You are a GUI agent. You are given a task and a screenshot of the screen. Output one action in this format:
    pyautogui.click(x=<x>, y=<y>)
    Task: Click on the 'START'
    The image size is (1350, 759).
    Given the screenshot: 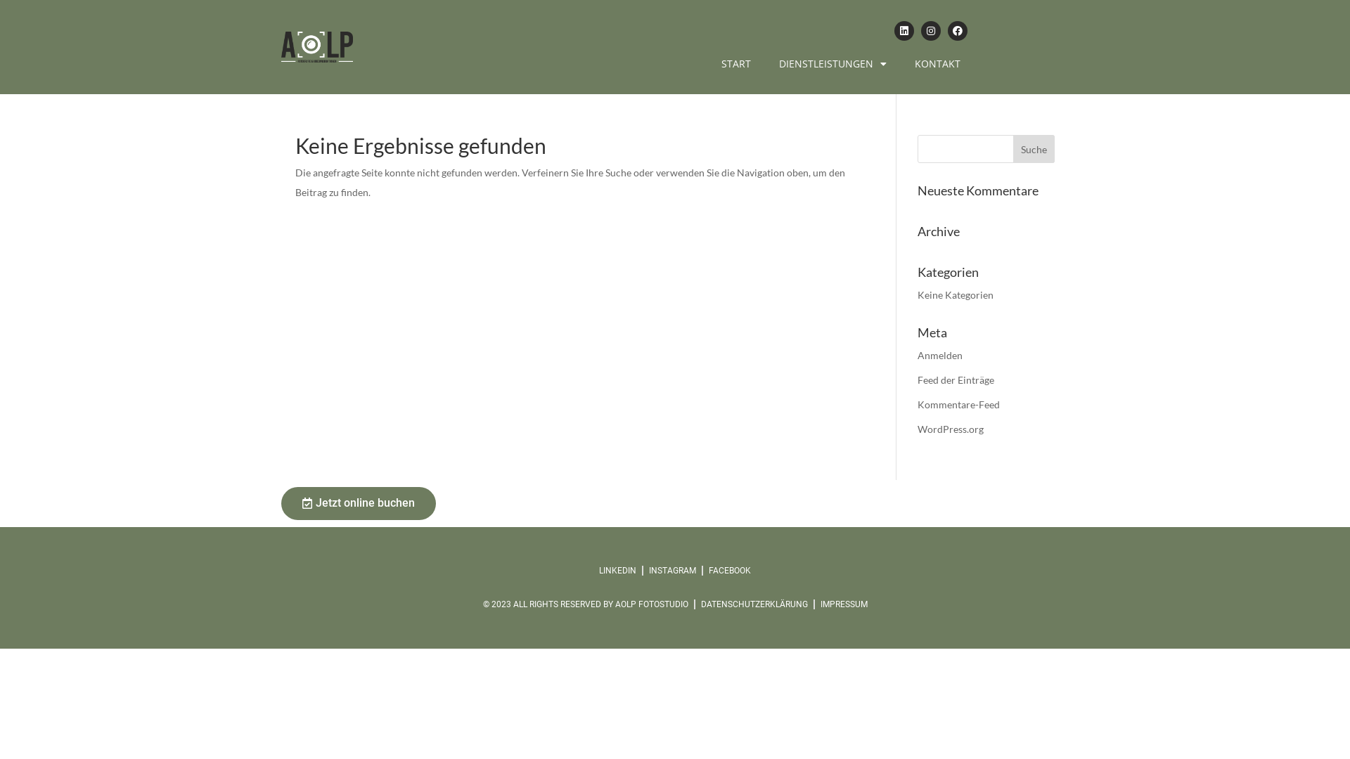 What is the action you would take?
    pyautogui.click(x=735, y=64)
    